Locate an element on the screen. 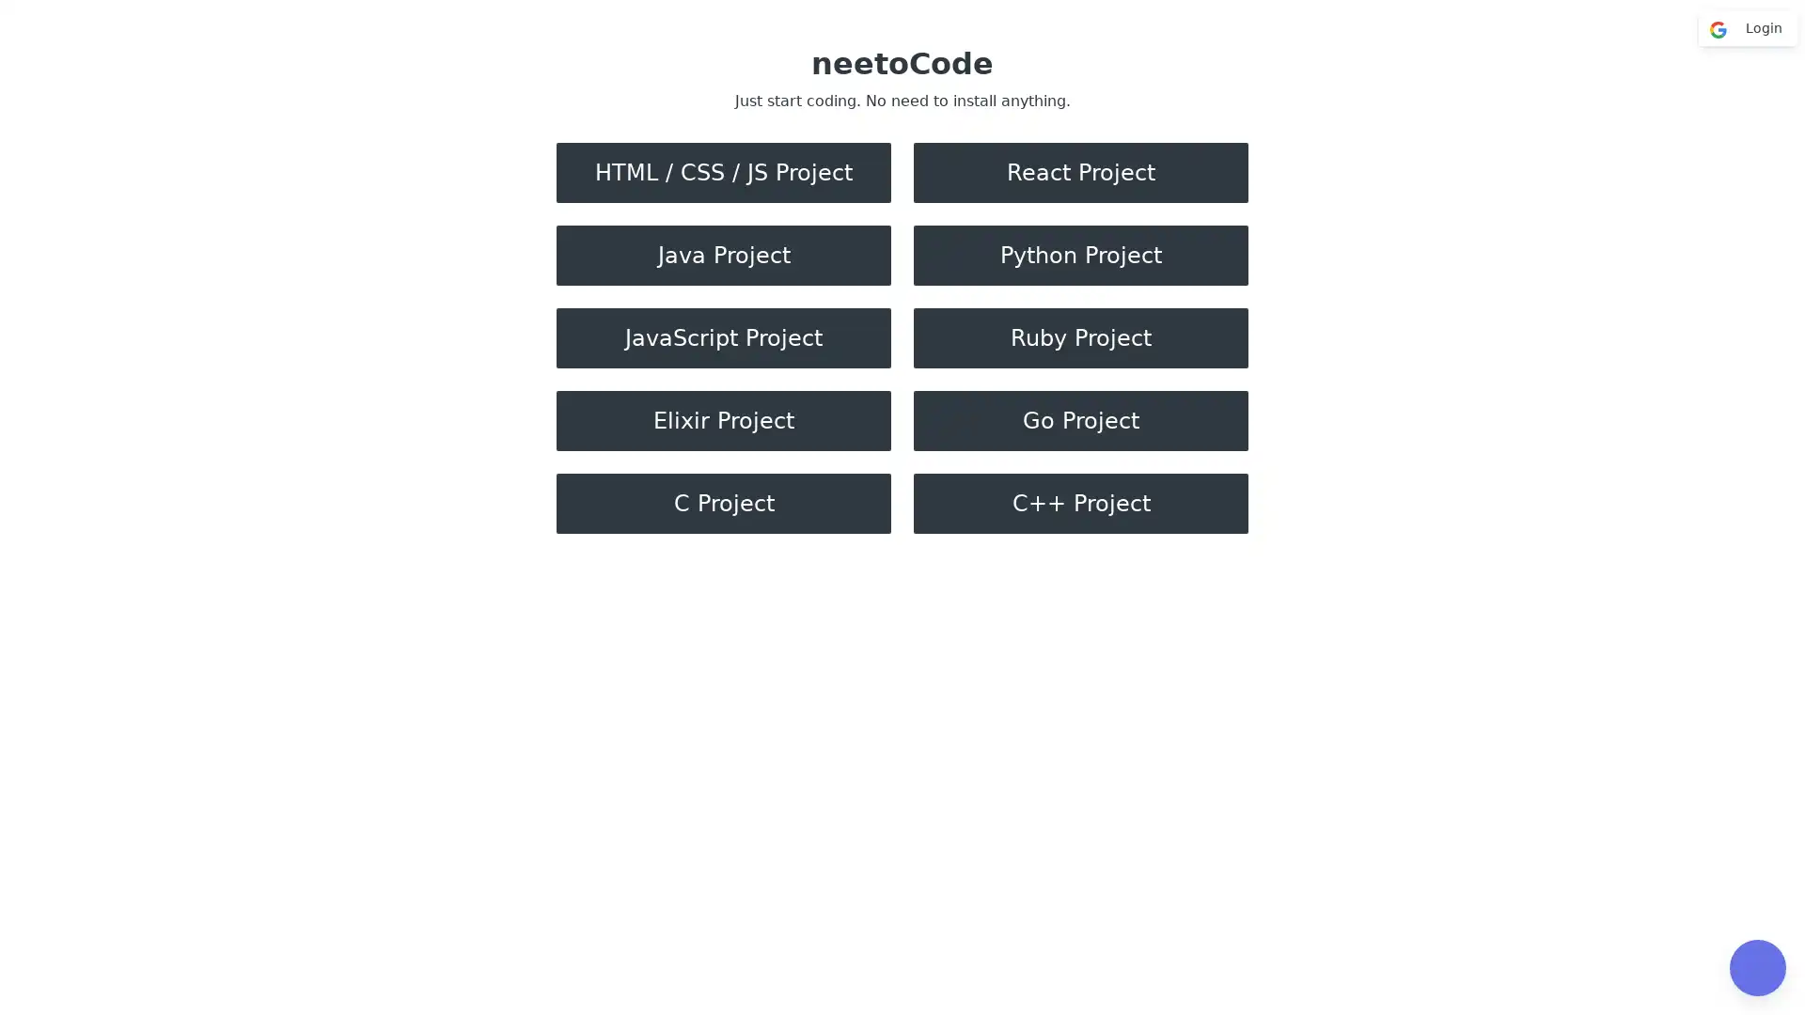  Ruby Project is located at coordinates (1081, 336).